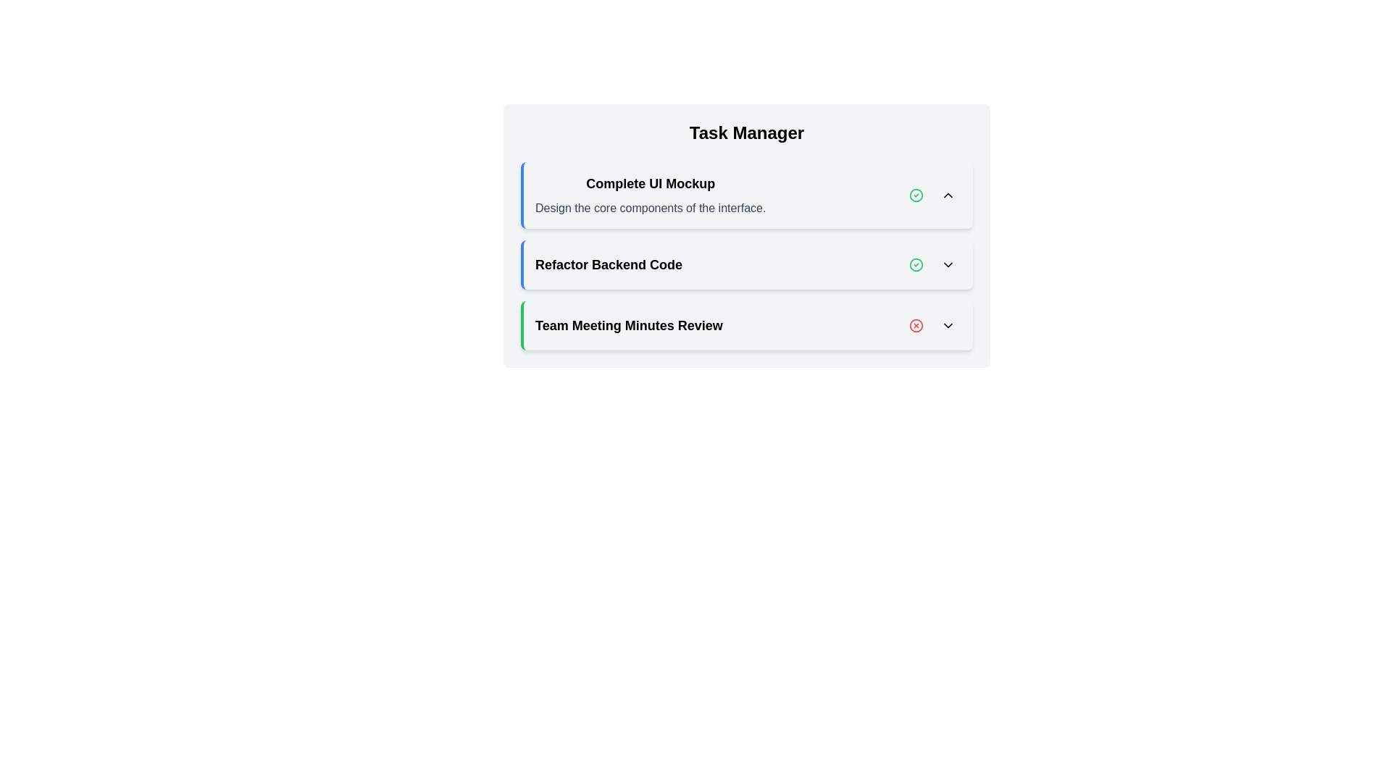  I want to click on the green-stroked circle icon with a checkmark in the second item of the task list, so click(916, 195).